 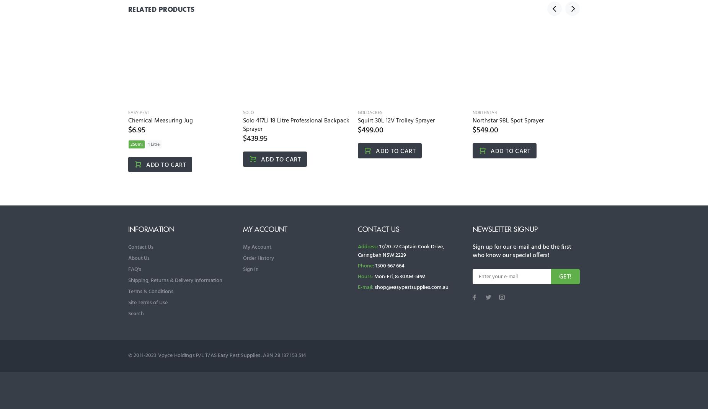 What do you see at coordinates (367, 246) in the screenshot?
I see `'Address:'` at bounding box center [367, 246].